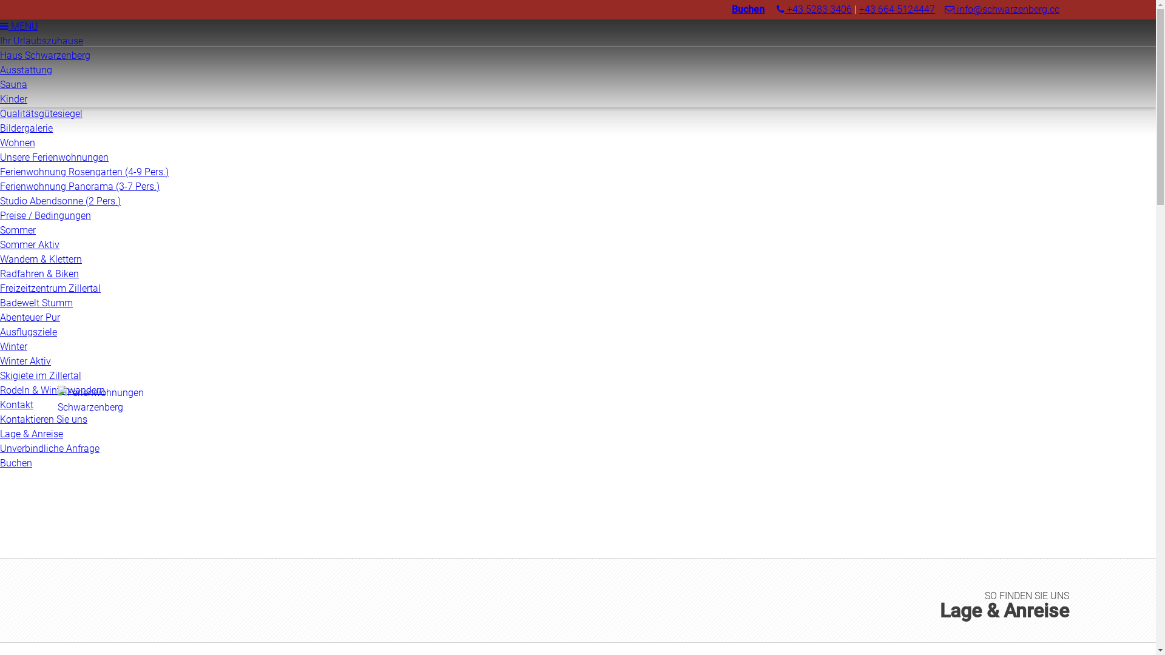 This screenshot has height=655, width=1165. What do you see at coordinates (944, 9) in the screenshot?
I see `'info@schwarzenberg.cc'` at bounding box center [944, 9].